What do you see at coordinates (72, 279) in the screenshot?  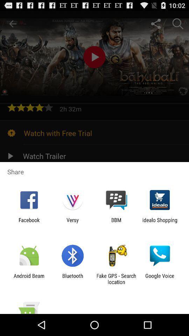 I see `item to the right of the android beam item` at bounding box center [72, 279].